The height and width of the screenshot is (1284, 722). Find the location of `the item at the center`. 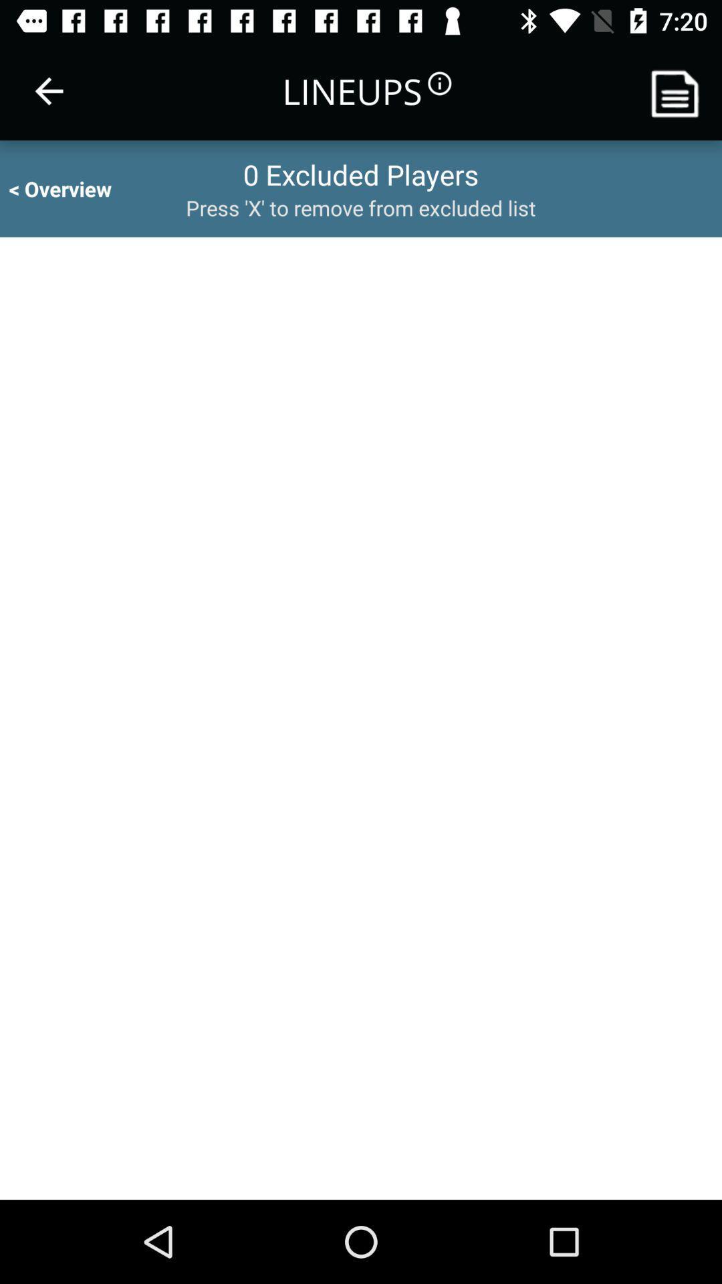

the item at the center is located at coordinates (361, 718).